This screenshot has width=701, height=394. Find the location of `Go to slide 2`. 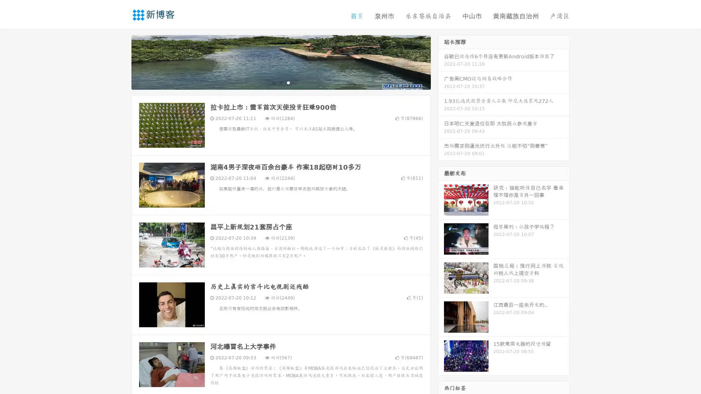

Go to slide 2 is located at coordinates (280, 82).